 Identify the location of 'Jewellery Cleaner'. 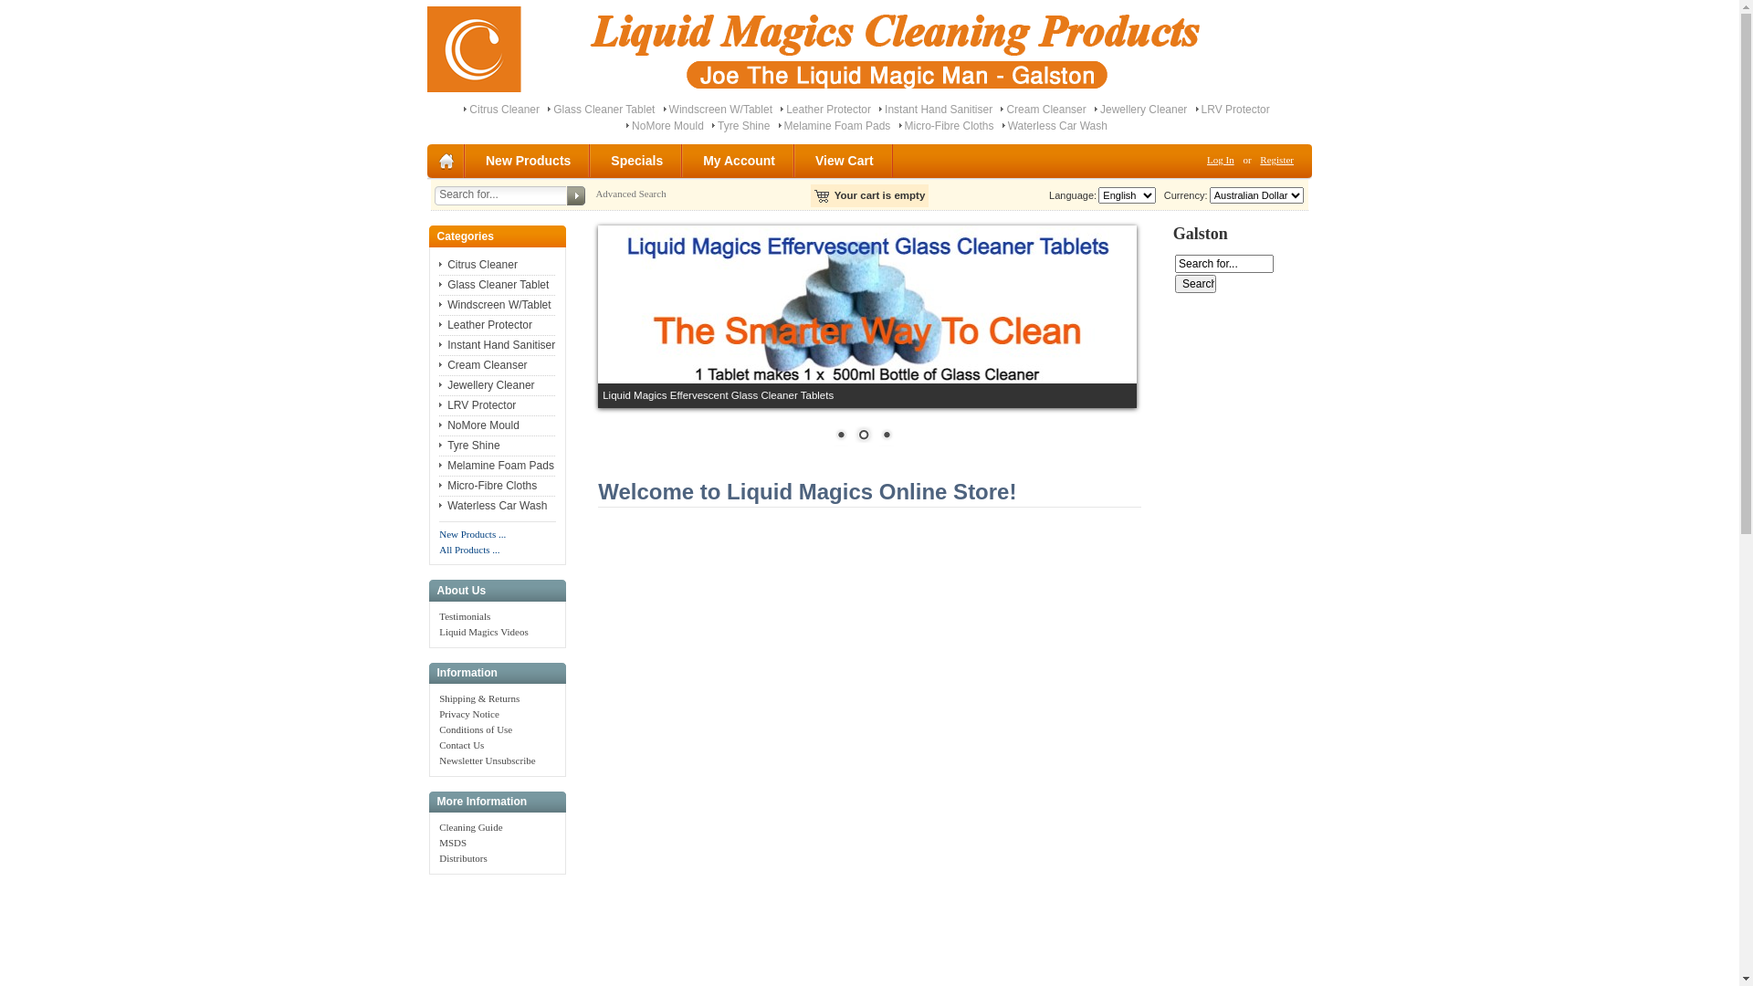
(486, 383).